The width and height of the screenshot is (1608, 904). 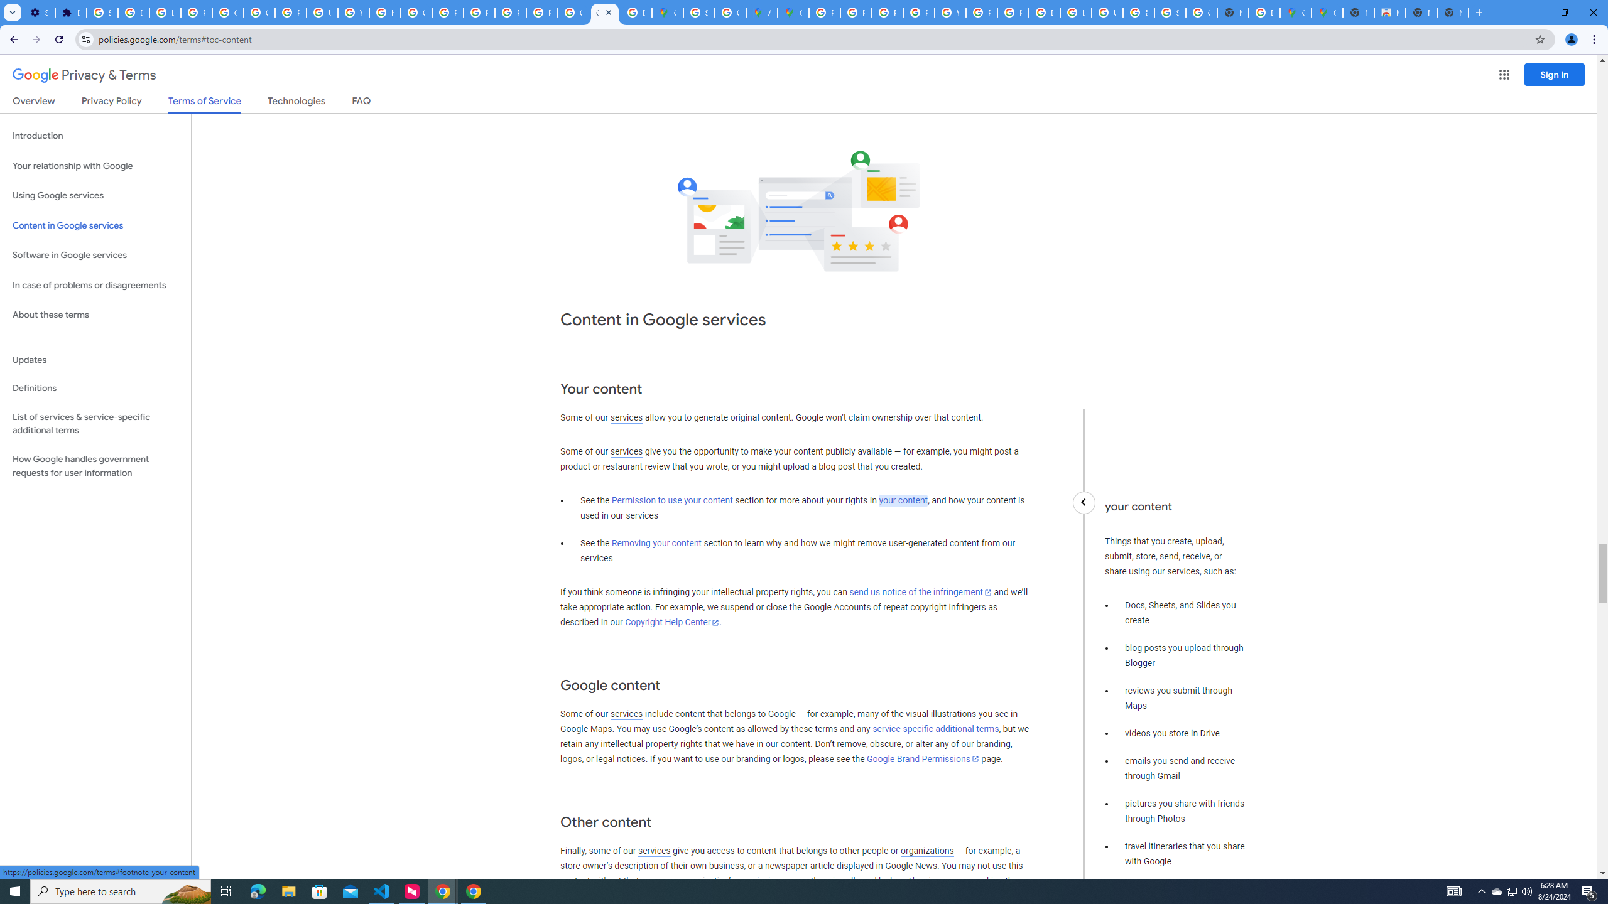 I want to click on 'Settings - On startup', so click(x=38, y=12).